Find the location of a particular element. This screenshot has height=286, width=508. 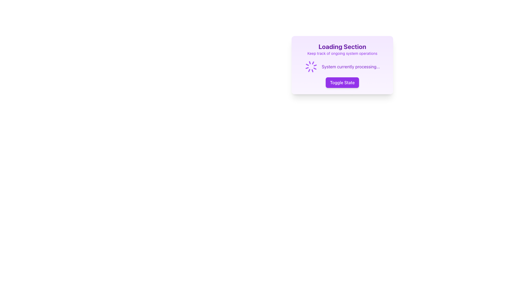

status text from the Informational Card with Action Button located in the upper-right area of the interface is located at coordinates (342, 65).